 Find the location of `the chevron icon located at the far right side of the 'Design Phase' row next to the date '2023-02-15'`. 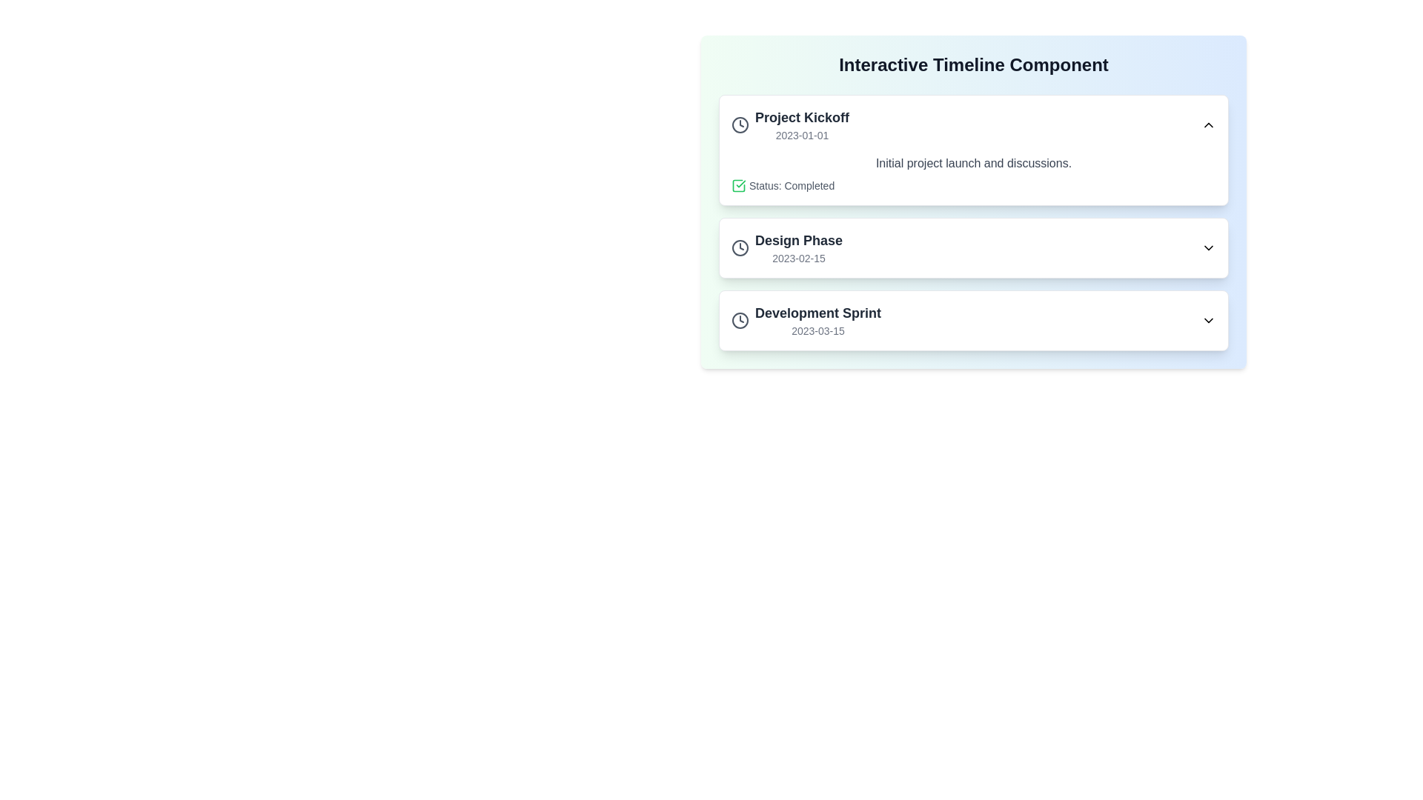

the chevron icon located at the far right side of the 'Design Phase' row next to the date '2023-02-15' is located at coordinates (1209, 247).